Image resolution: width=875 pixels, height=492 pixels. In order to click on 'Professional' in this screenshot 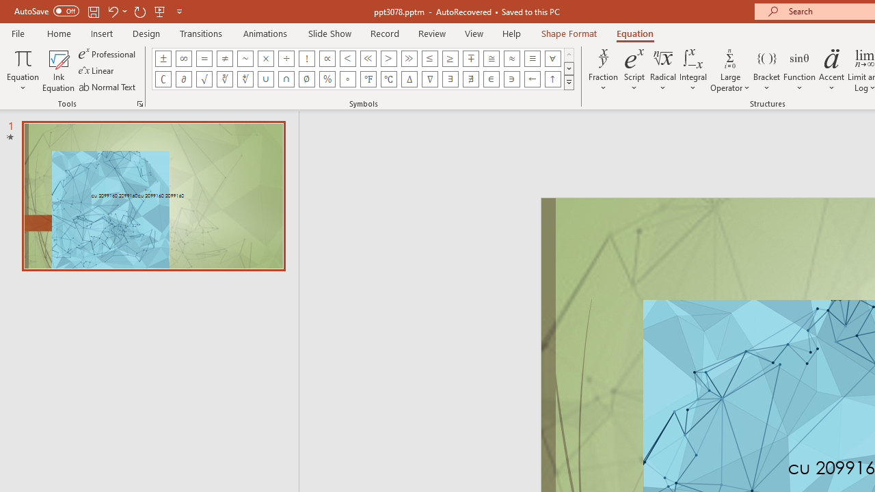, I will do `click(107, 53)`.